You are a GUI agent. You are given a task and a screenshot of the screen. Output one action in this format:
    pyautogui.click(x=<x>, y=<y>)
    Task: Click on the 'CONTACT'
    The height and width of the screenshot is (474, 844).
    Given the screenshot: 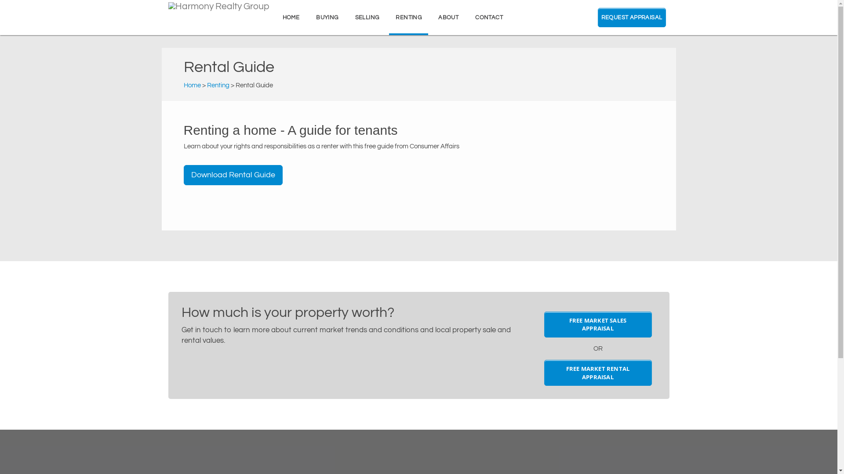 What is the action you would take?
    pyautogui.click(x=488, y=17)
    